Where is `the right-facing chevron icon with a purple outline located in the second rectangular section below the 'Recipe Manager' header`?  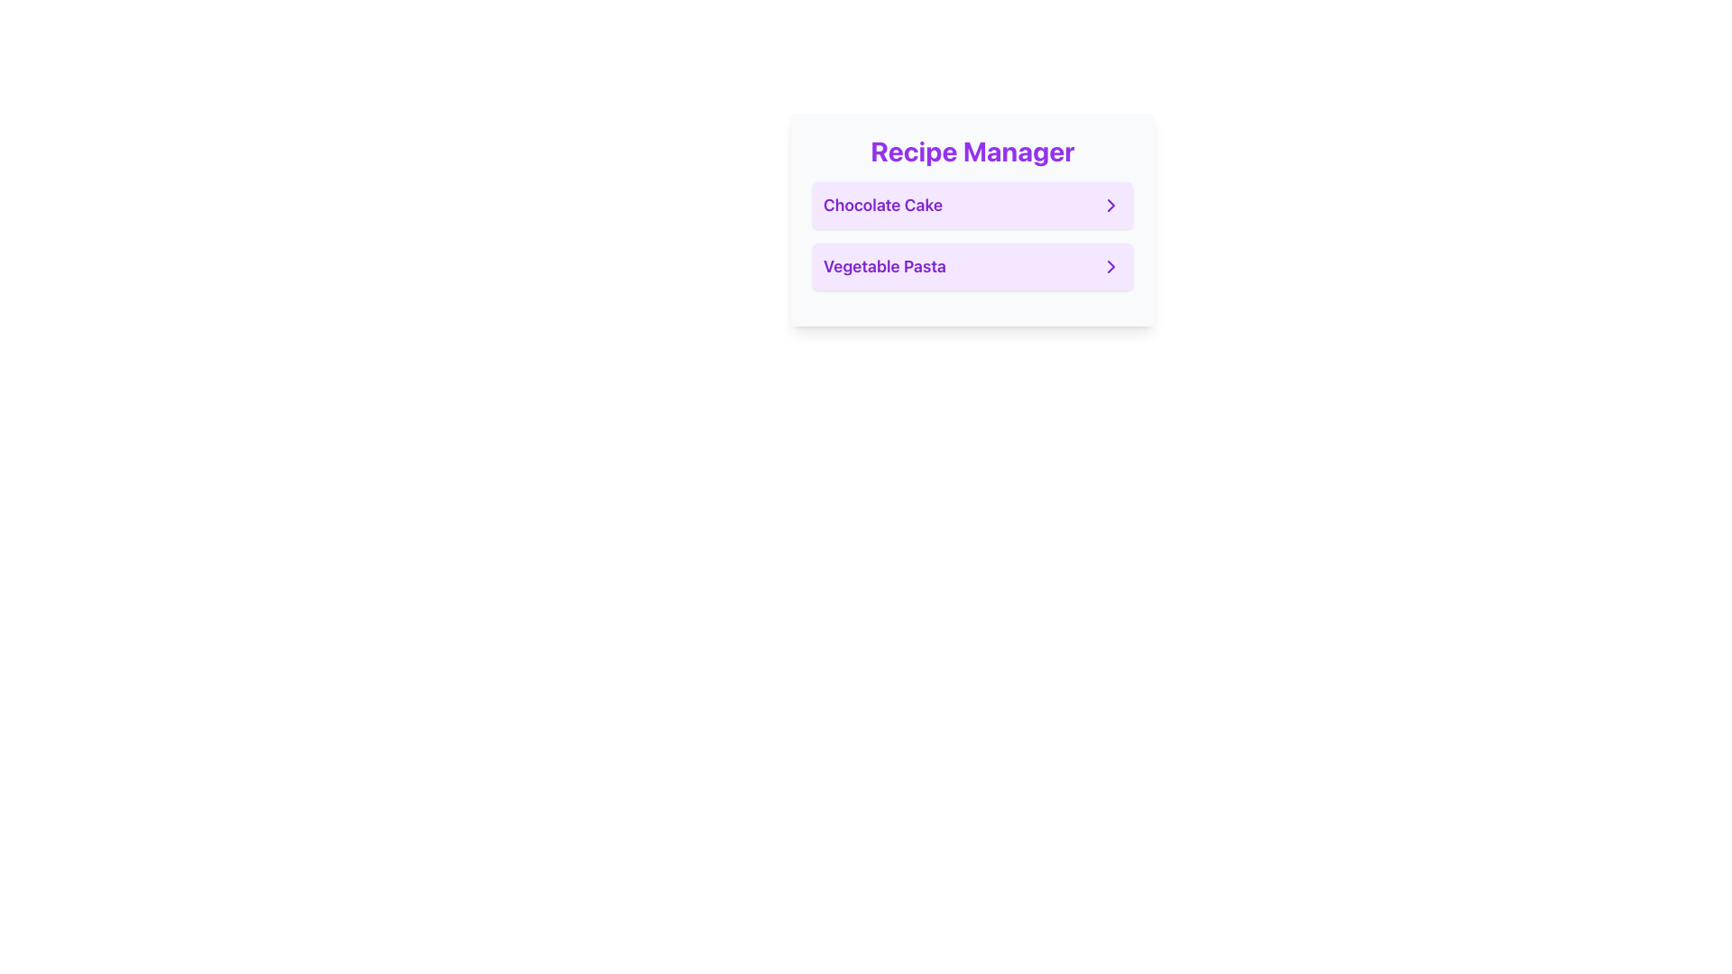 the right-facing chevron icon with a purple outline located in the second rectangular section below the 'Recipe Manager' header is located at coordinates (1110, 267).